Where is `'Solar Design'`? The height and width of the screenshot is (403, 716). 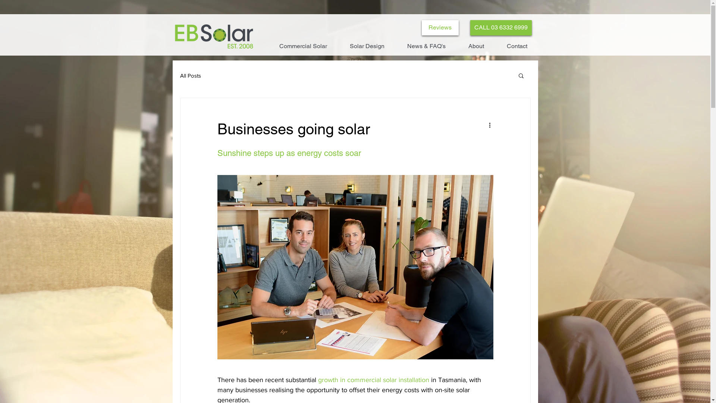 'Solar Design' is located at coordinates (367, 46).